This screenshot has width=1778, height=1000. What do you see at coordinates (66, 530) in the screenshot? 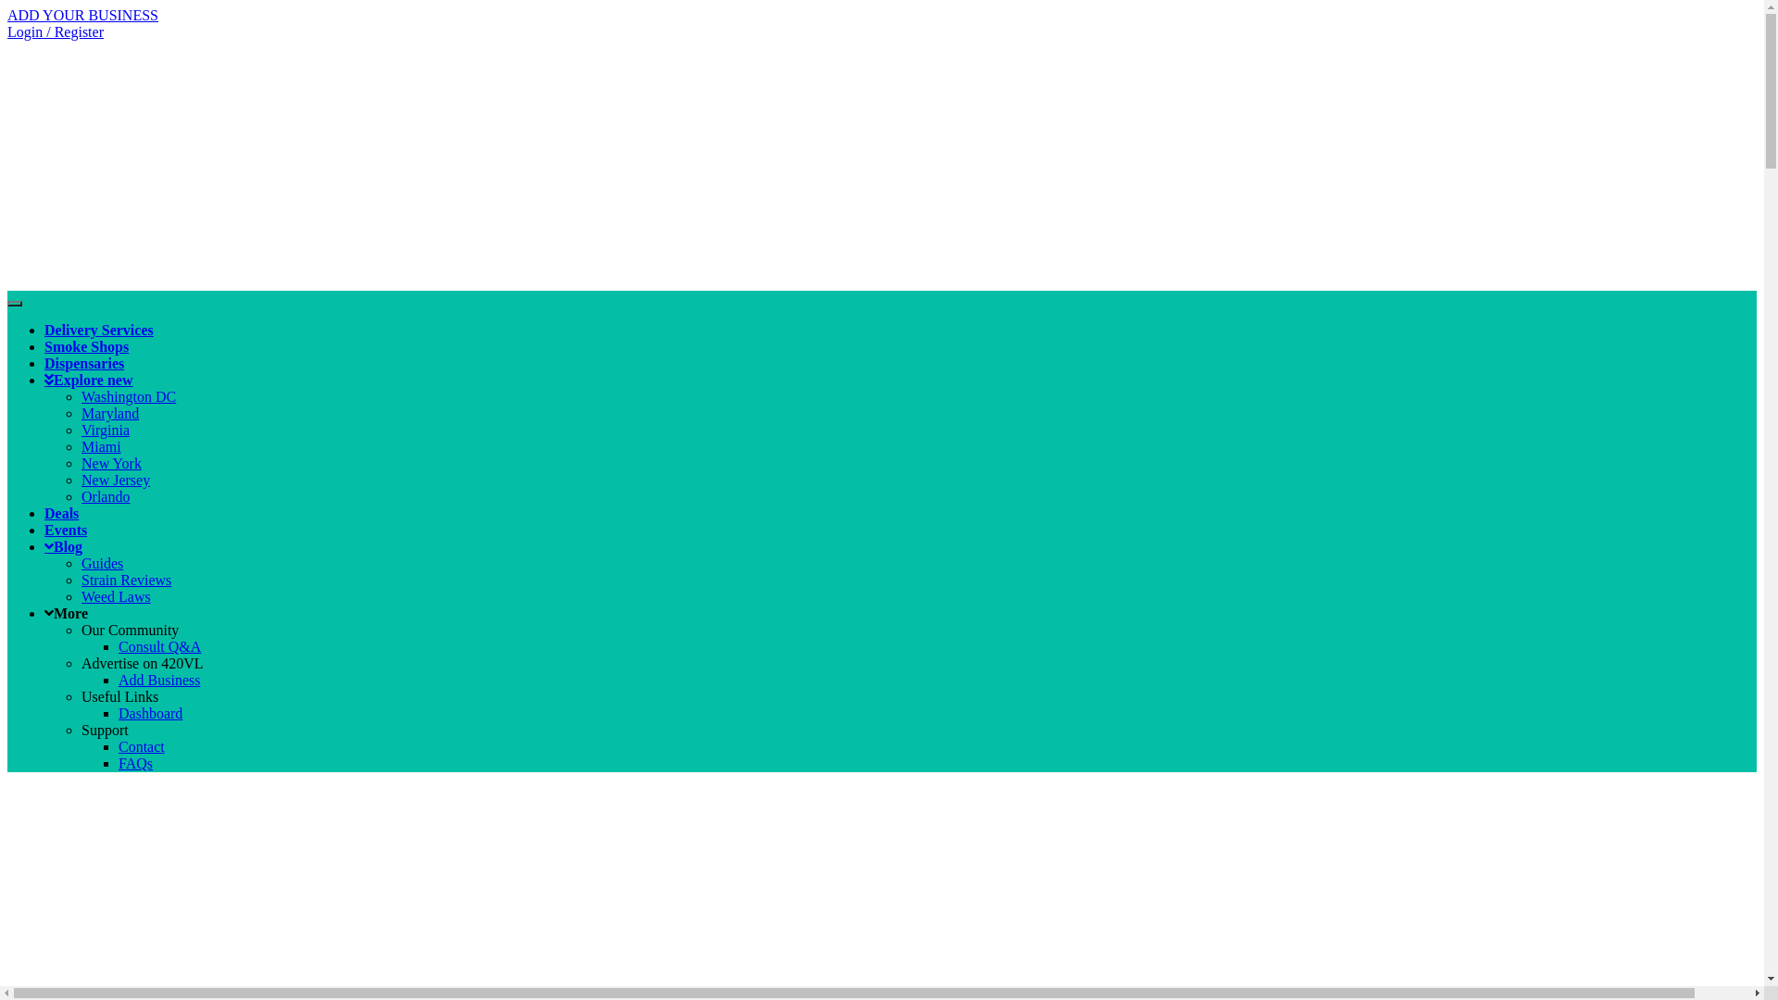
I see `'Events'` at bounding box center [66, 530].